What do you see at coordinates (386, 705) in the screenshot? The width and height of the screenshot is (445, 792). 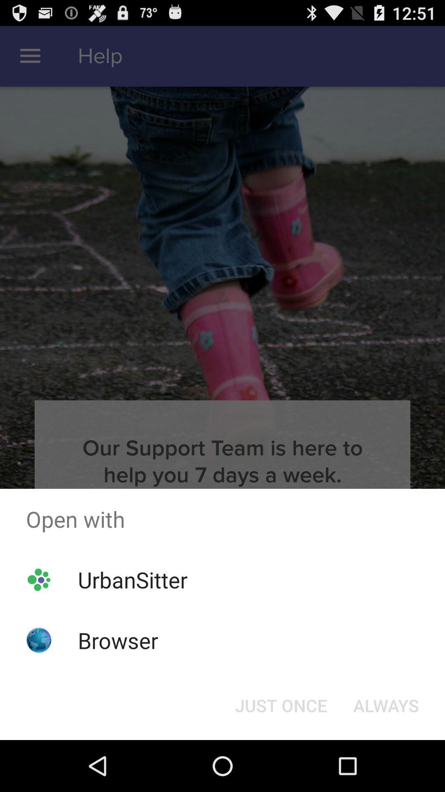 I see `button to the right of the just once` at bounding box center [386, 705].